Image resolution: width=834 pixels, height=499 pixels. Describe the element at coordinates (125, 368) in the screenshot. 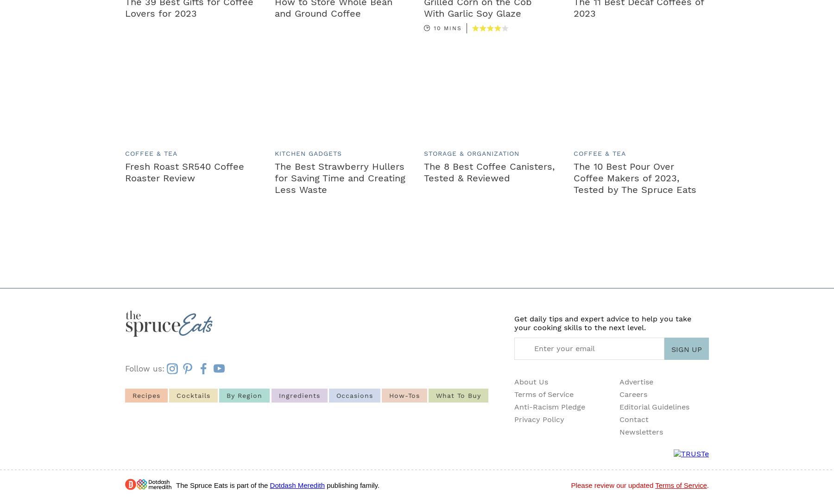

I see `'Follow us:'` at that location.